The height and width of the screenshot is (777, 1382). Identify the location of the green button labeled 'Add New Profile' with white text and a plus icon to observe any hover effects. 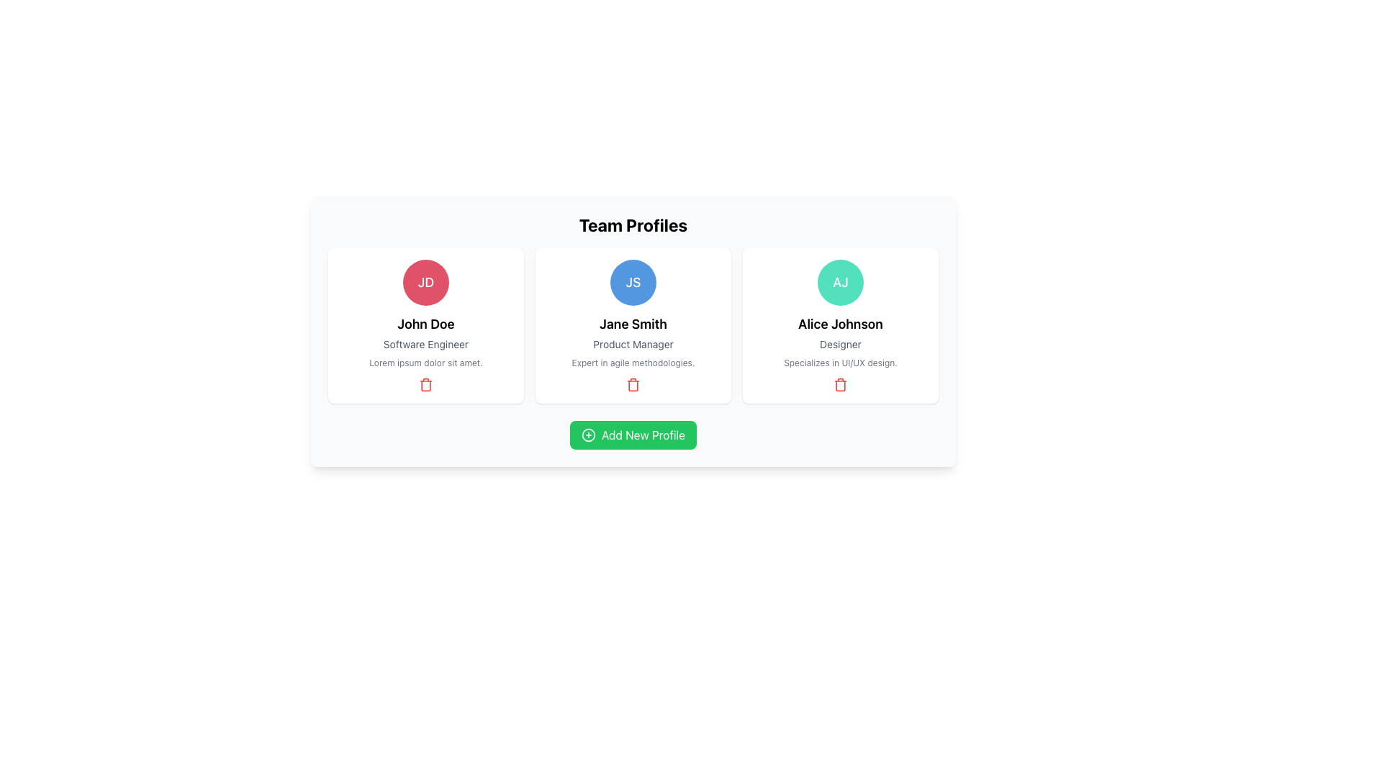
(633, 435).